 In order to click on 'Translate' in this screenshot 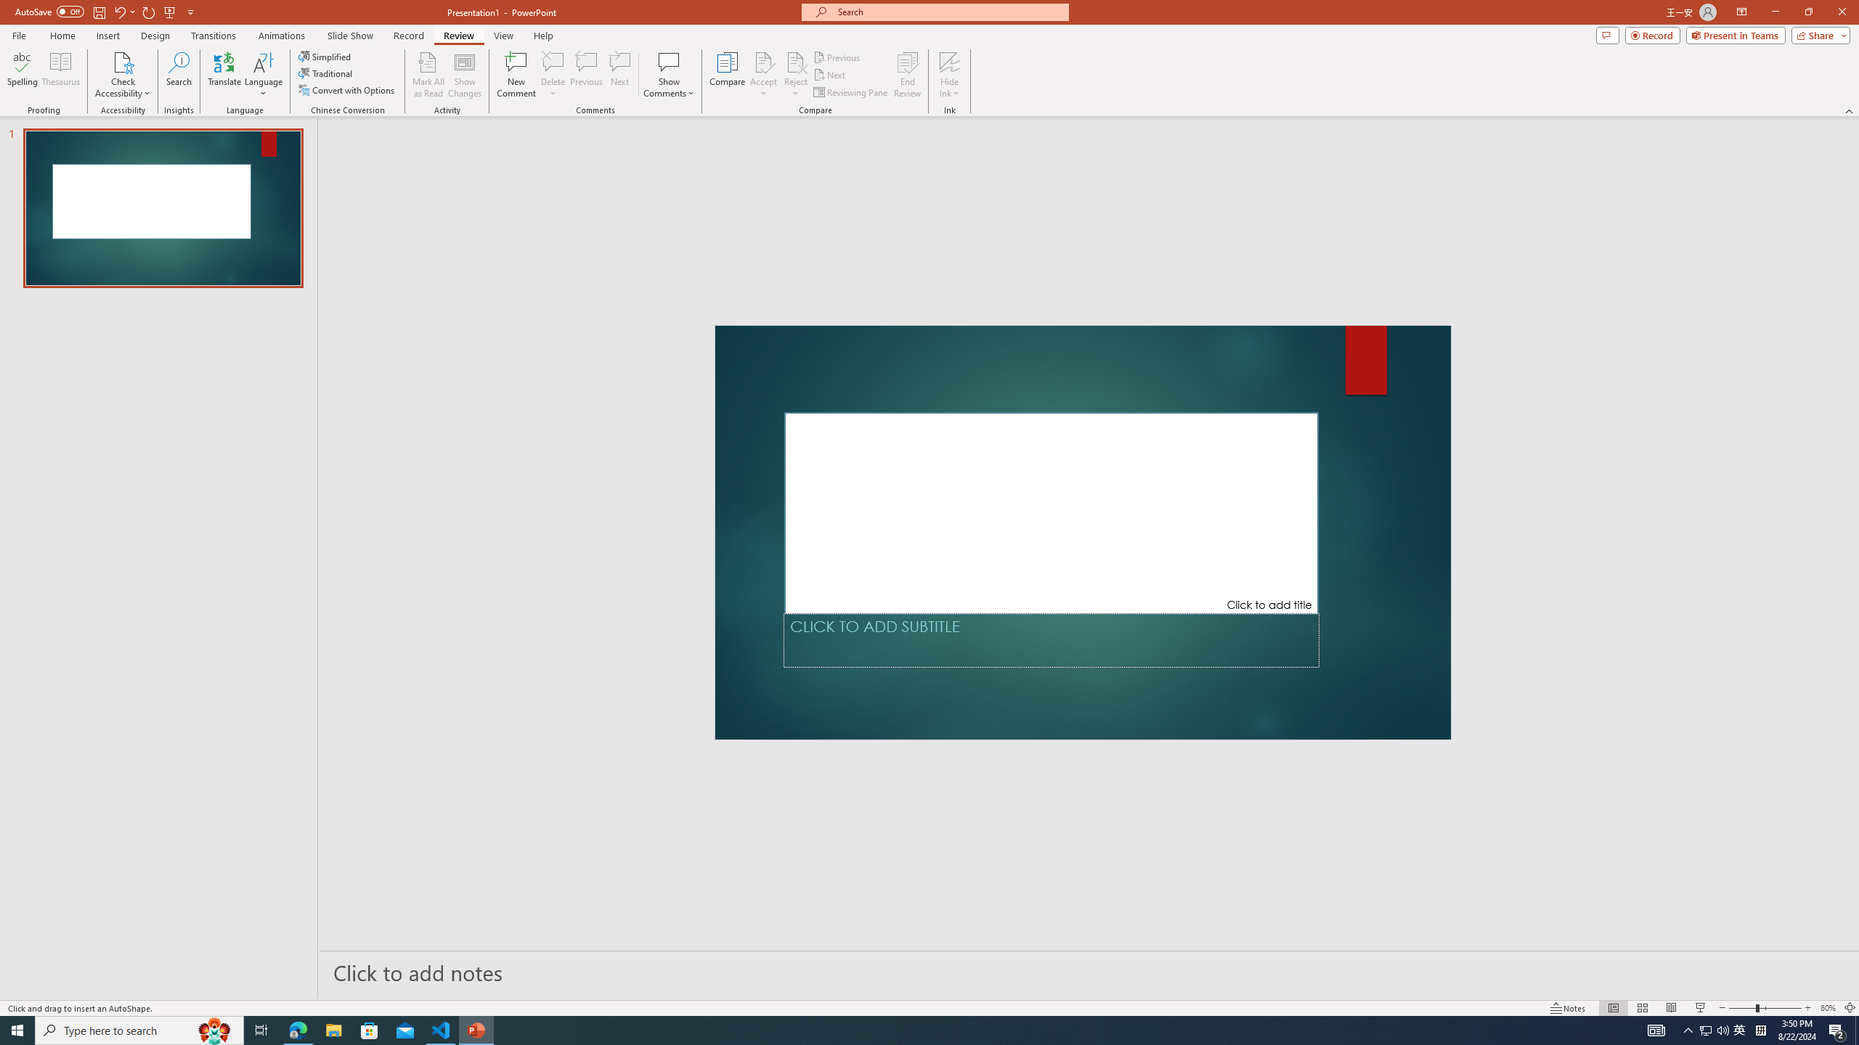, I will do `click(224, 75)`.